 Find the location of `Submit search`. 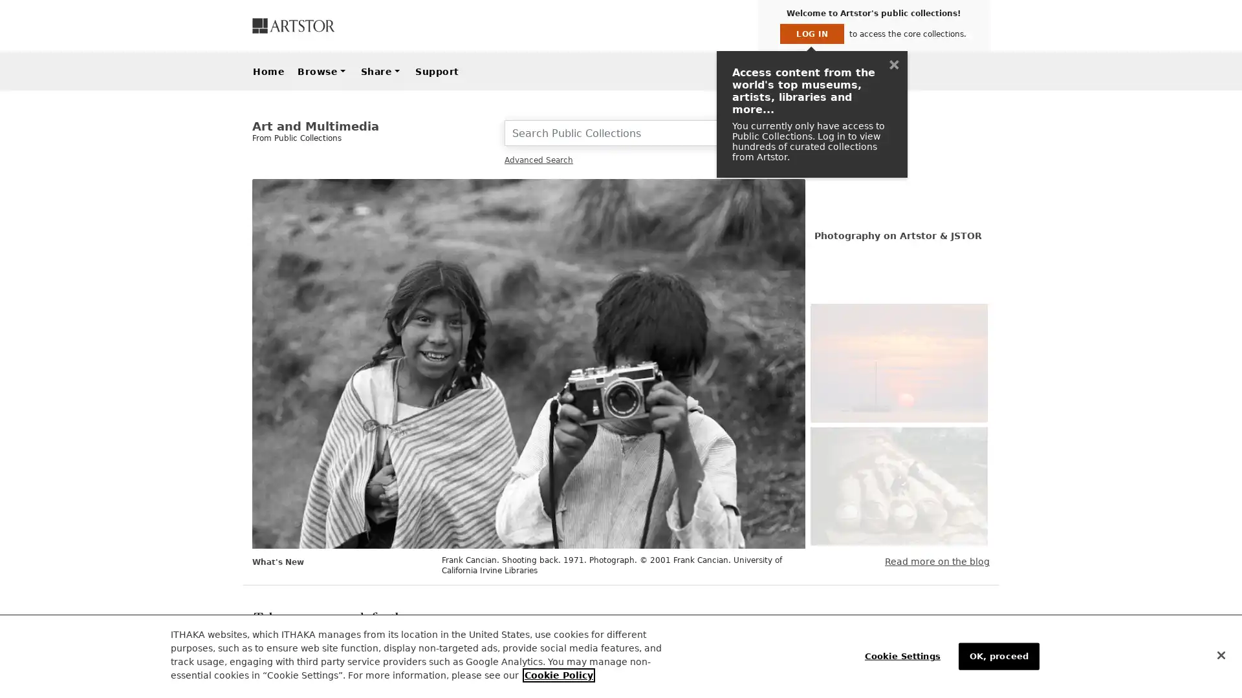

Submit search is located at coordinates (788, 132).